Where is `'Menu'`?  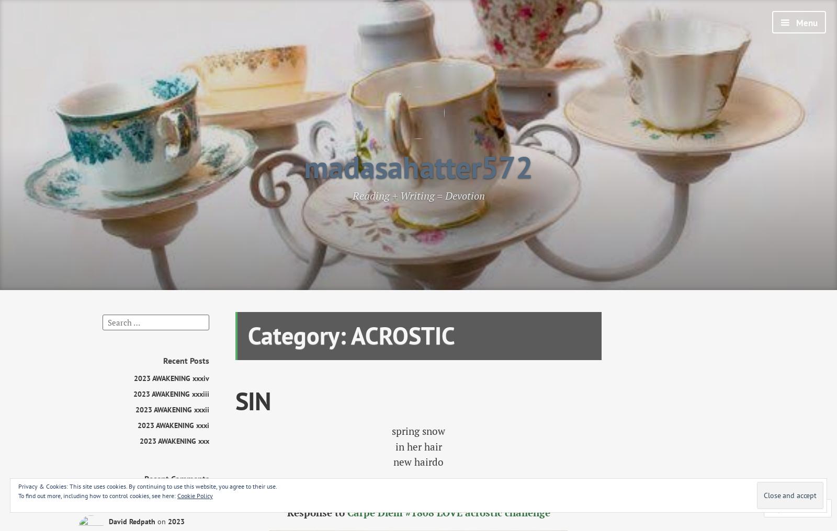 'Menu' is located at coordinates (805, 22).